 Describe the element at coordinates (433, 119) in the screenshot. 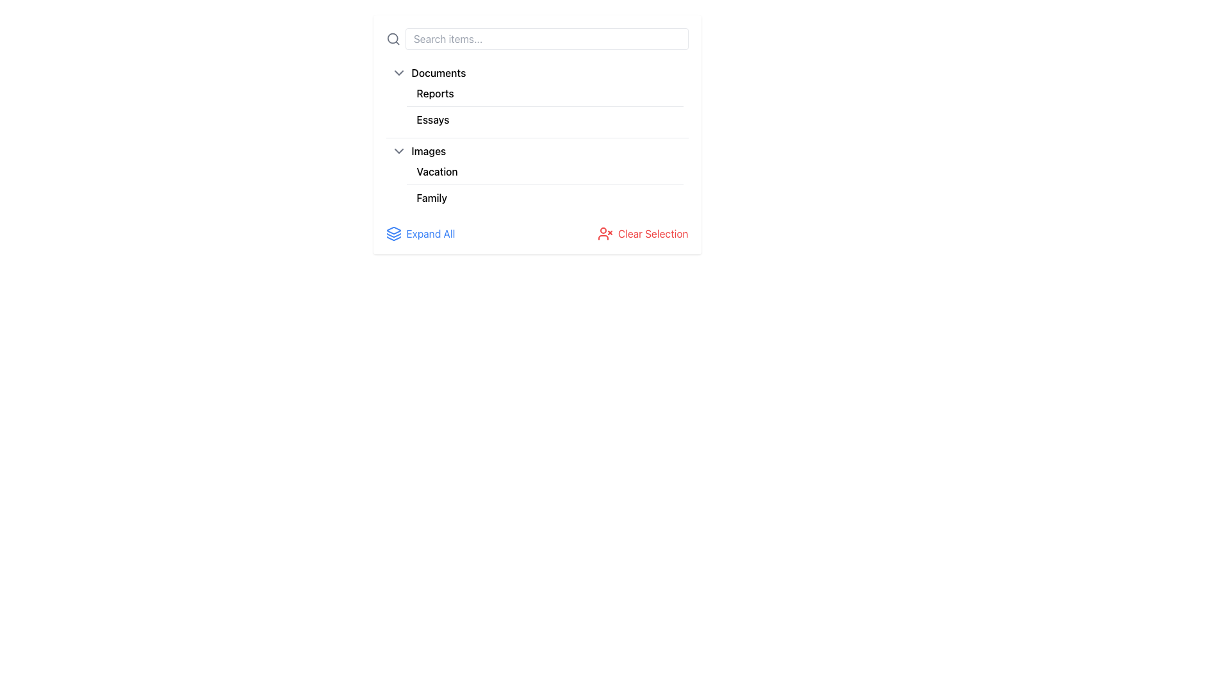

I see `the 'Essays' text label in the sidebar` at that location.